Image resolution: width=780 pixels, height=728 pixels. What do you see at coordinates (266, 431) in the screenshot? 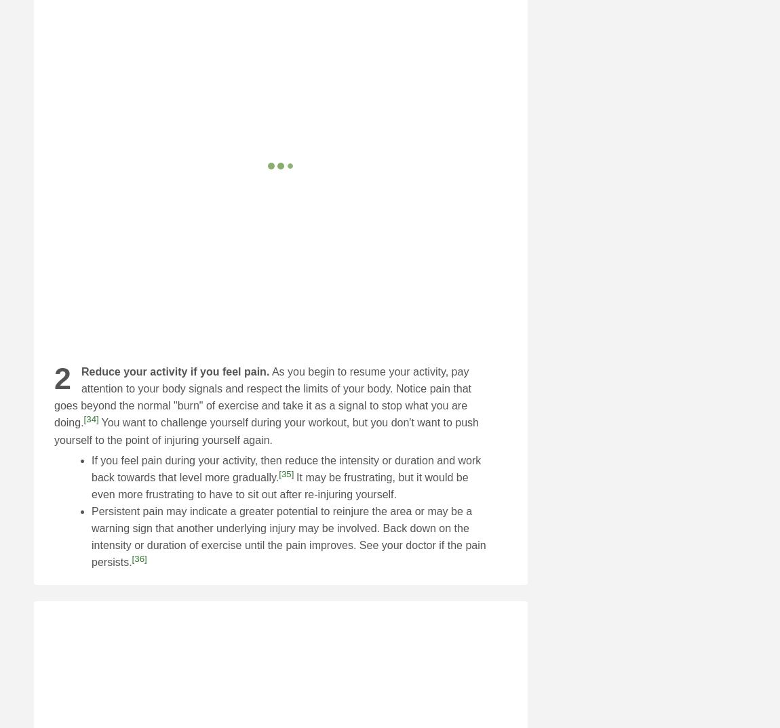
I see `'You want to challenge yourself during your workout, but you don't want to push yourself to the point of injuring yourself again.'` at bounding box center [266, 431].